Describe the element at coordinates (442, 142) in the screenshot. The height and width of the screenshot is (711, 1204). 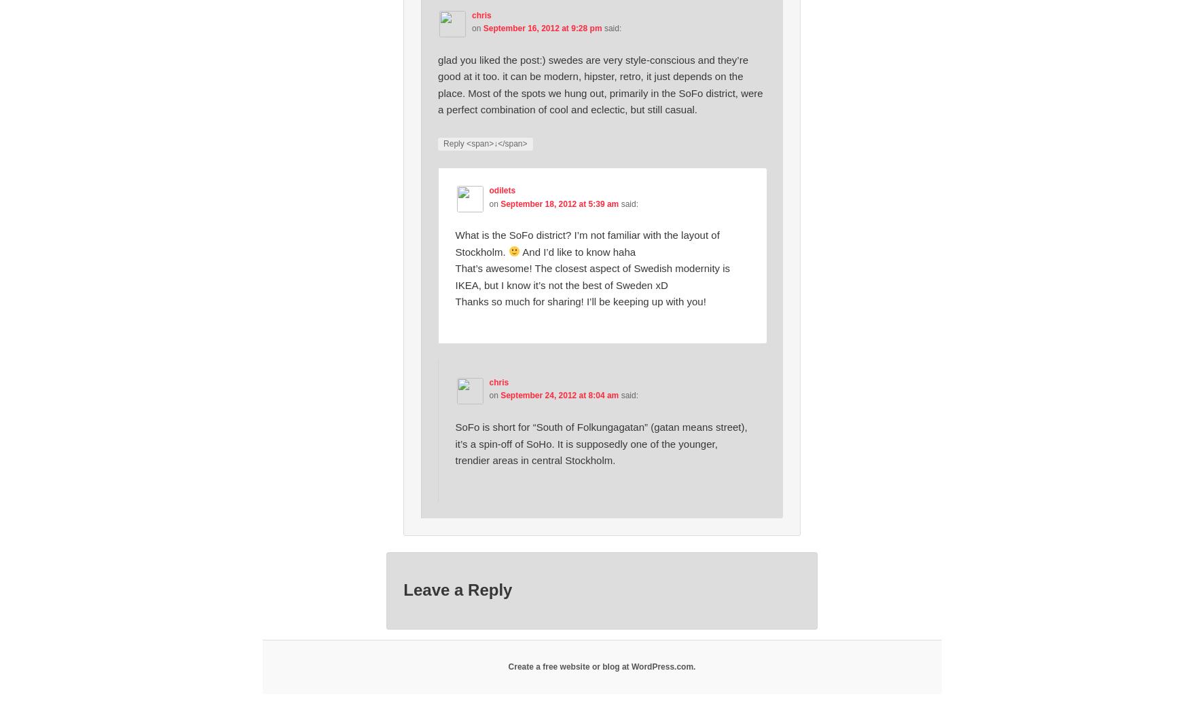
I see `'Reply <span>↓</span>'` at that location.